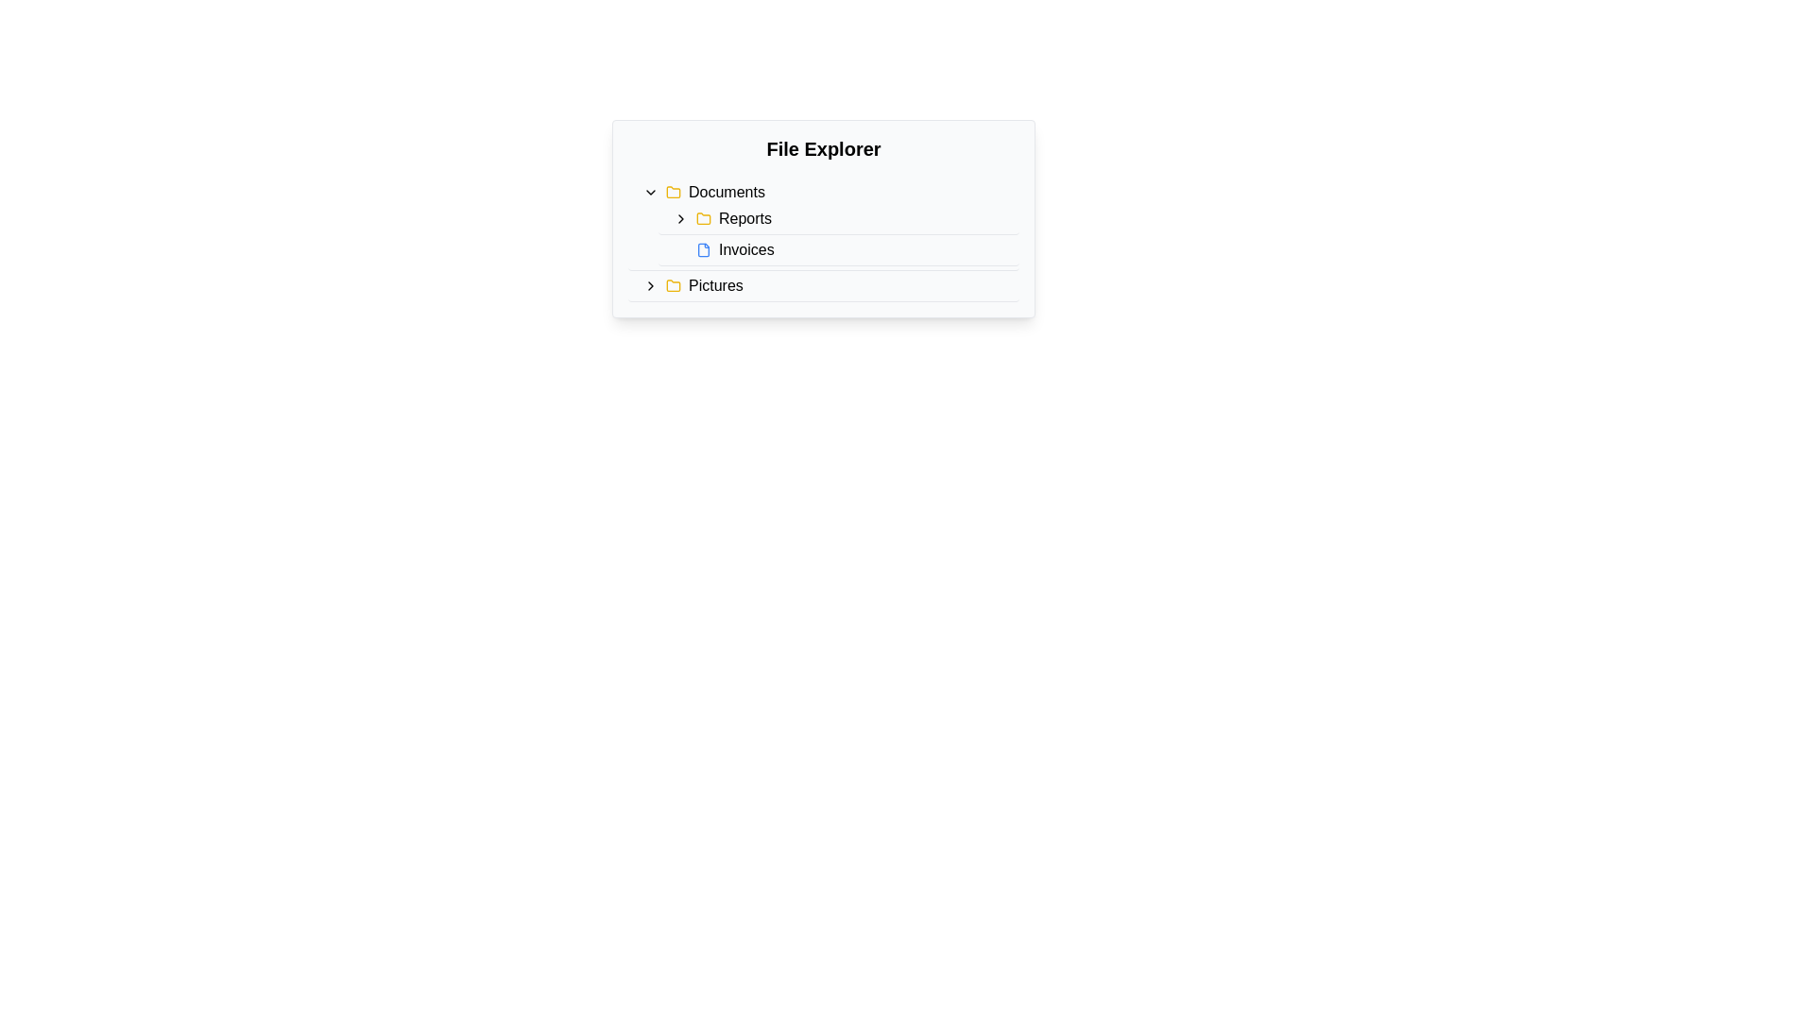 The image size is (1814, 1020). Describe the element at coordinates (674, 193) in the screenshot. I see `the 'Documents' folder icon located to the left of the 'Documents' label in the 'File Explorer' interface` at that location.